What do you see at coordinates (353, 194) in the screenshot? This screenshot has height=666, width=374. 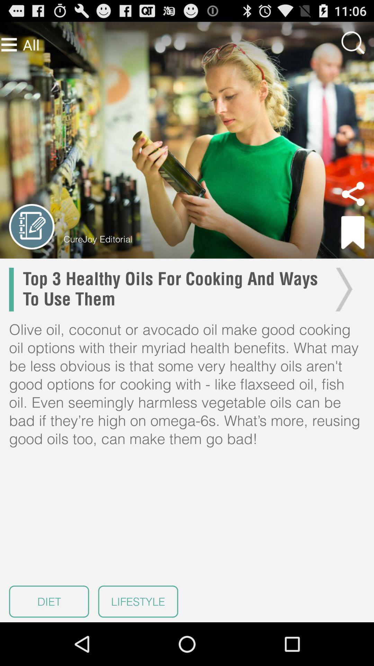 I see `share` at bounding box center [353, 194].